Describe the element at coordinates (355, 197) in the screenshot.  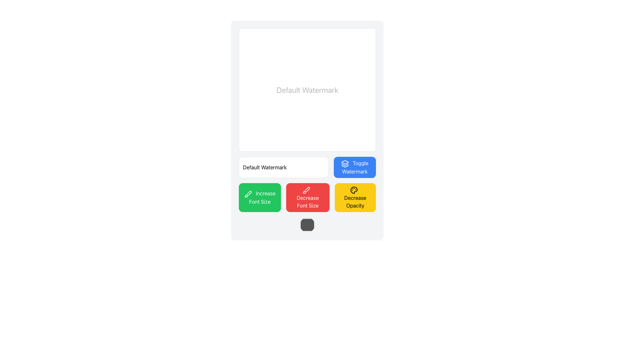
I see `the third button in the group of three, which has a yellow background, rounded corners, and features a palette icon above the text 'Decrease Opacity'` at that location.